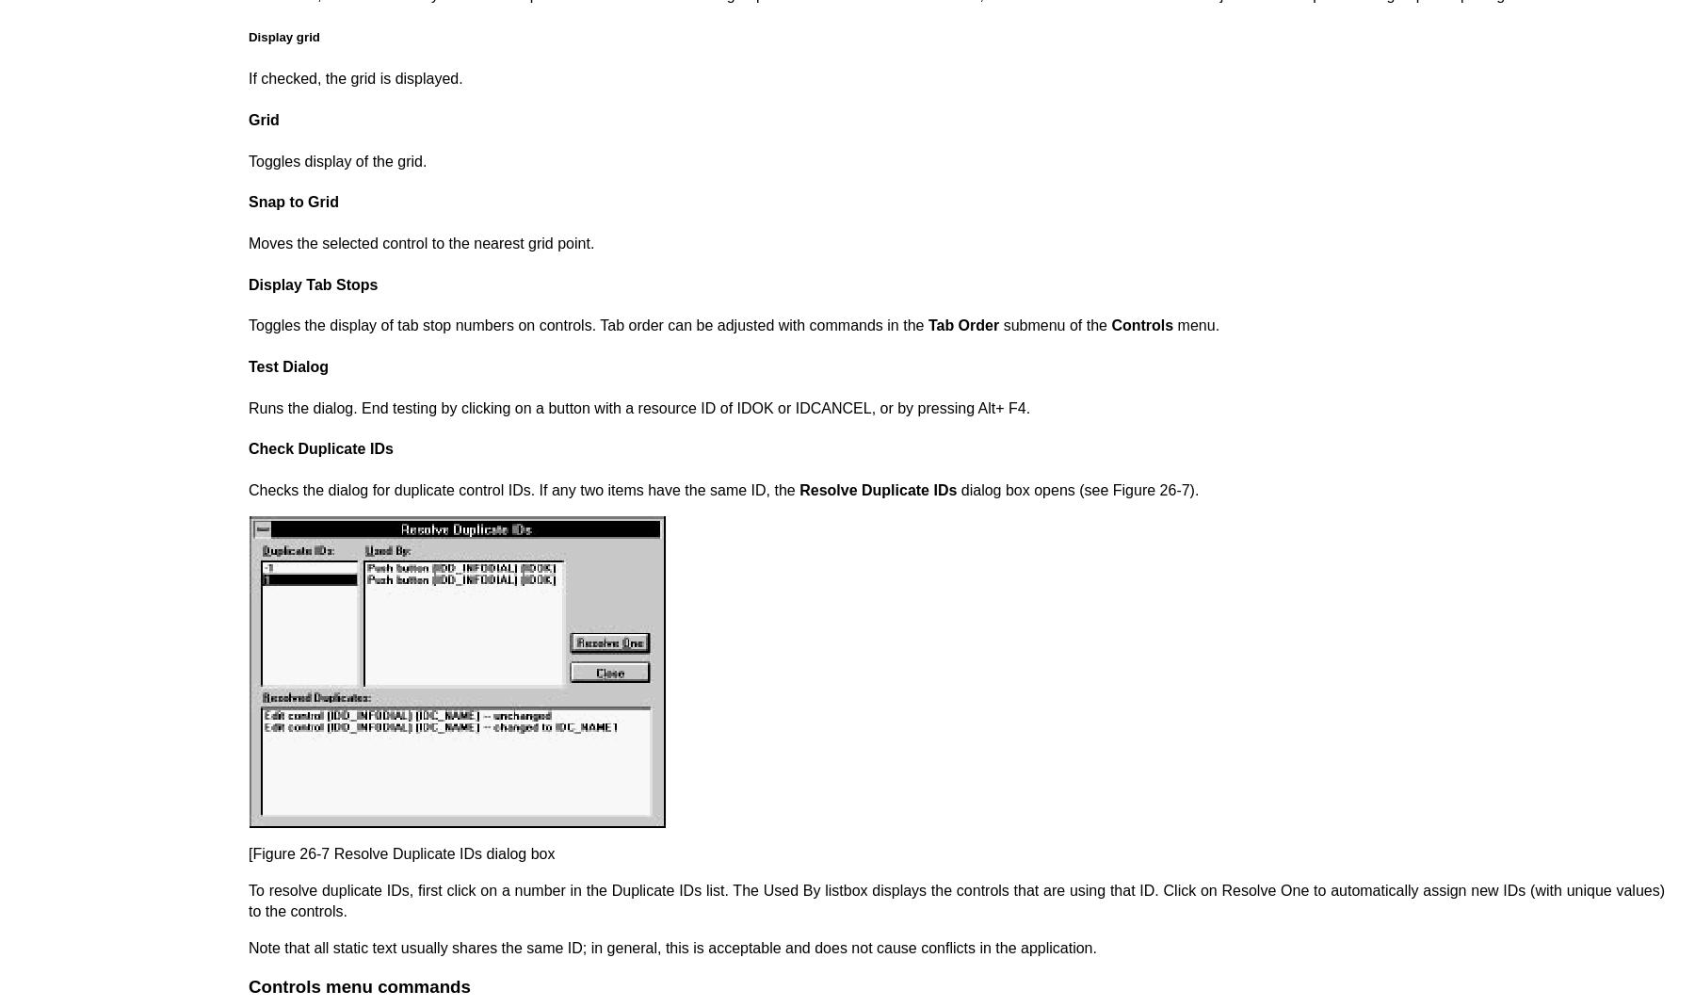 This screenshot has width=1695, height=1007. What do you see at coordinates (962, 325) in the screenshot?
I see `'Tab Order'` at bounding box center [962, 325].